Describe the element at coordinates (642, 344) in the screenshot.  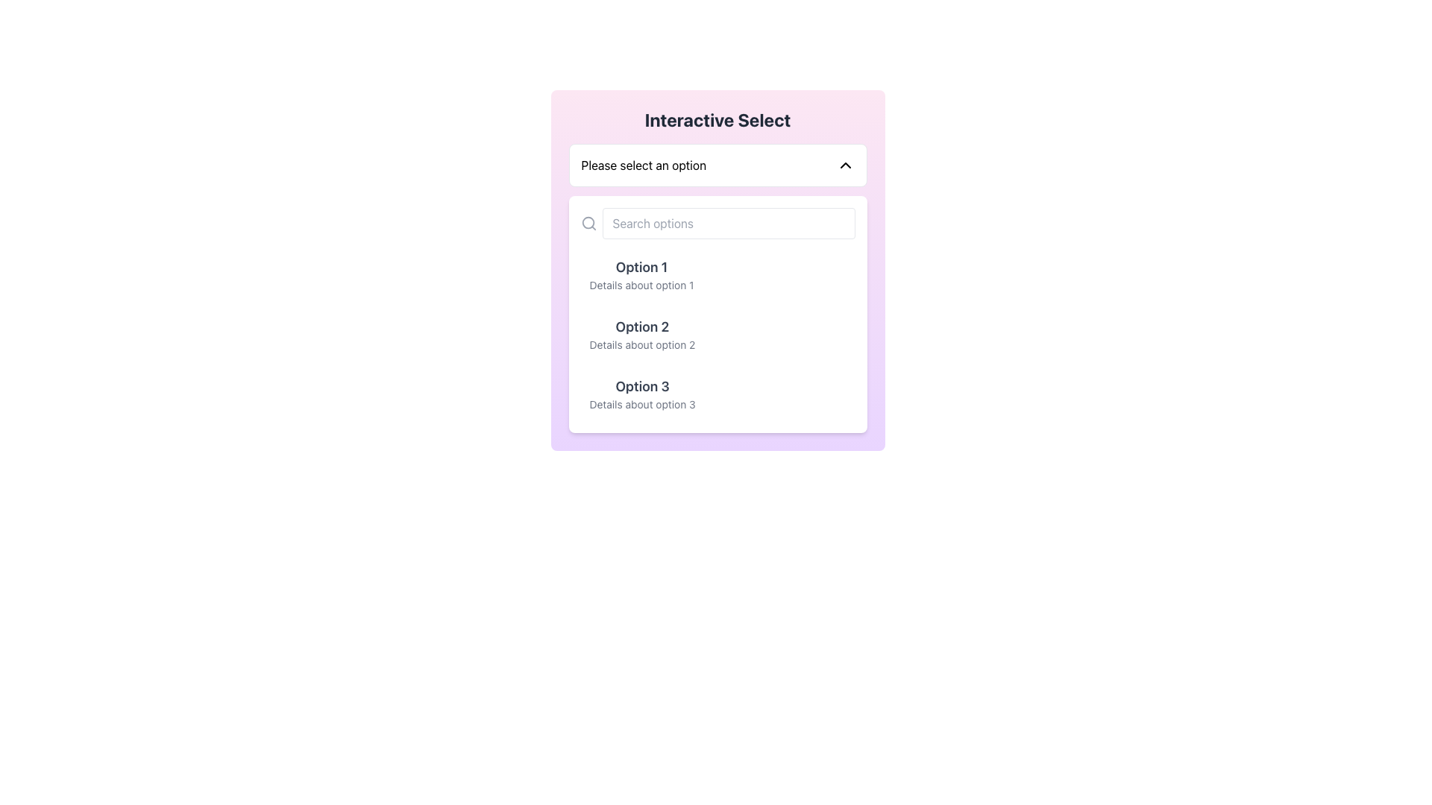
I see `the Text Label that reads 'Details about option 2', which is located directly below 'Option 2' in the dropdown list interface` at that location.